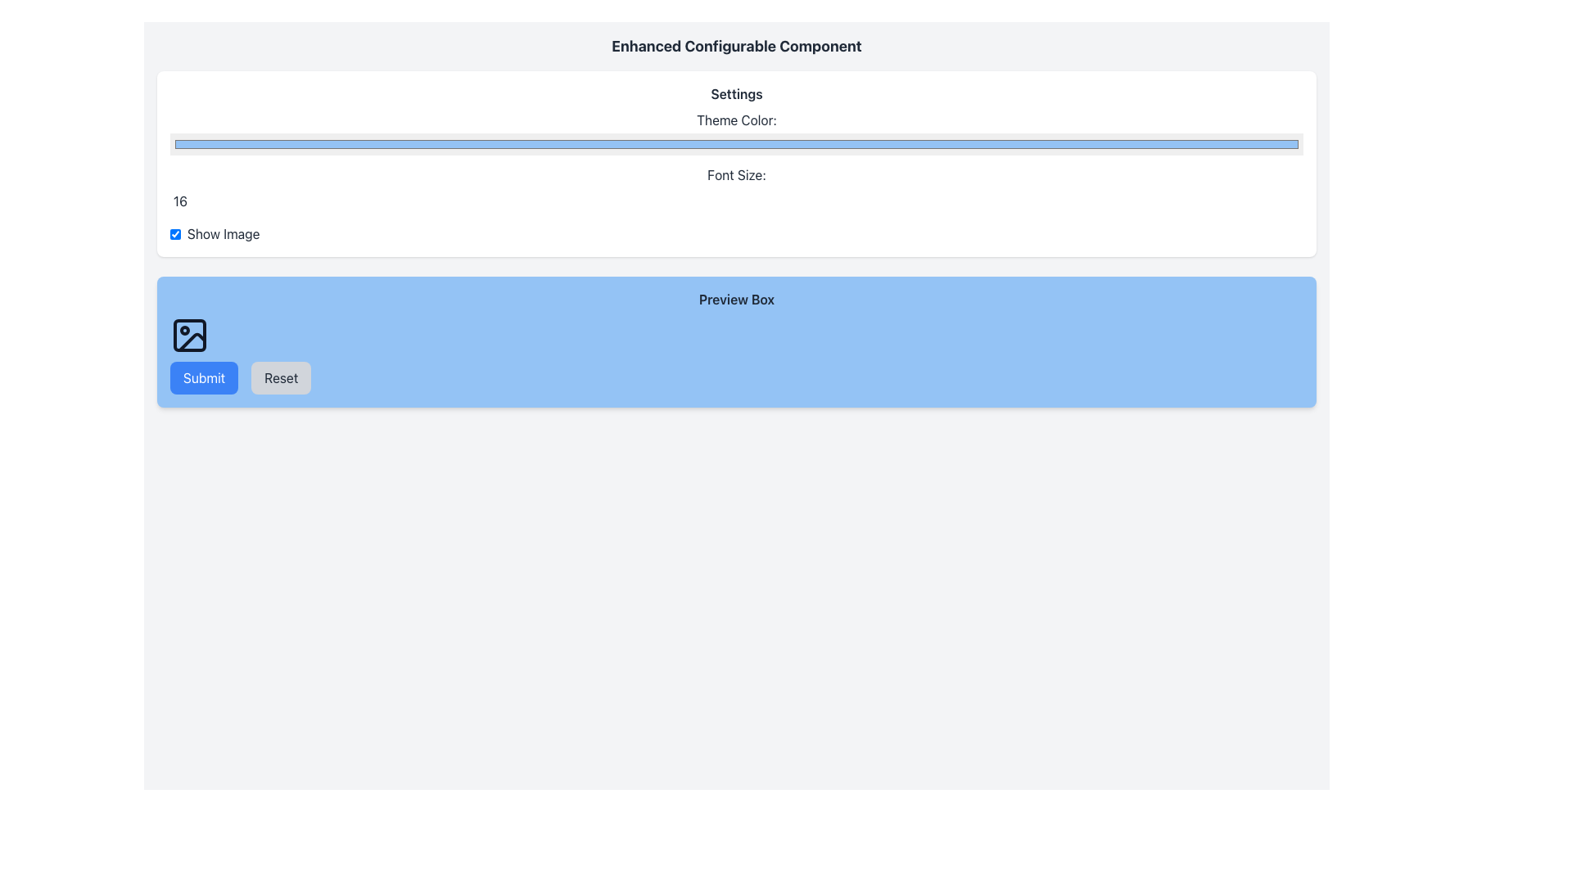 The height and width of the screenshot is (884, 1572). I want to click on the landscape icon, which features a sun or moon and a mountain line, located in the 'Preview Box' section above the 'Submit' button, so click(189, 334).